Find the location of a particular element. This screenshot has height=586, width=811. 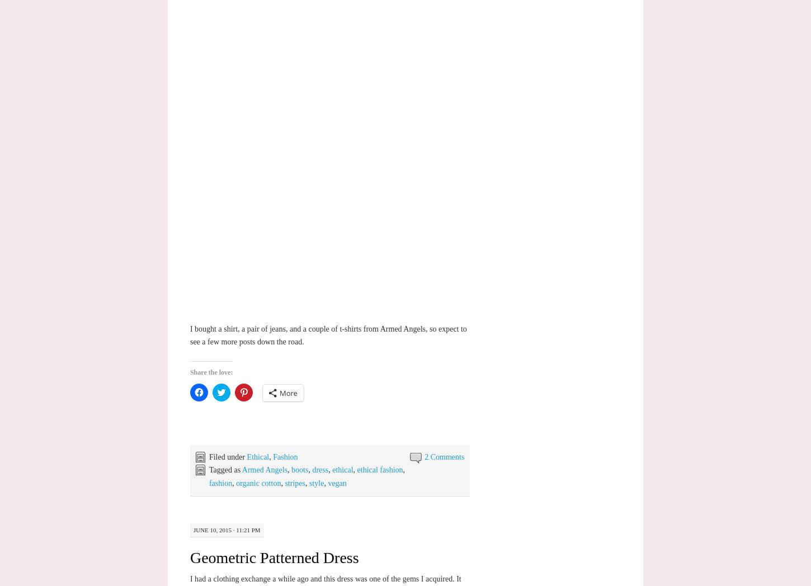

'I bought a shirt, a pair of jeans, and a couple of t-shirts from Armed Angels, so expect to see a few more posts down the road.' is located at coordinates (190, 335).